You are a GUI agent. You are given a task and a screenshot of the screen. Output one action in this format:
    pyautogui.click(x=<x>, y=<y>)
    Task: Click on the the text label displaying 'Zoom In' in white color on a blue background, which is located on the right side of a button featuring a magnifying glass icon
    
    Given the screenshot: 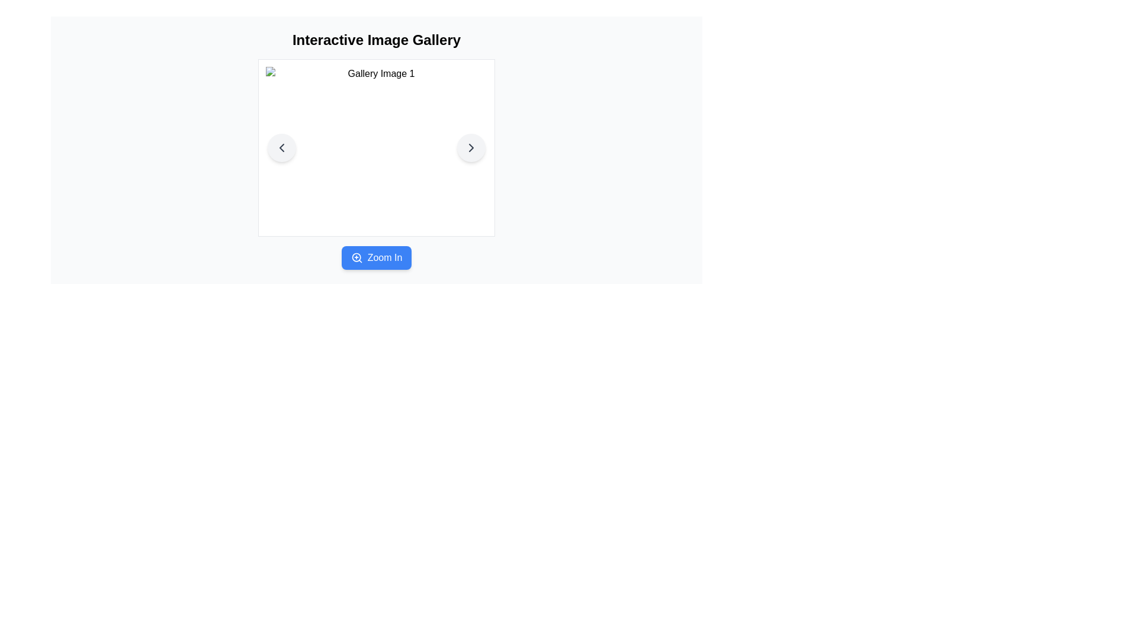 What is the action you would take?
    pyautogui.click(x=384, y=257)
    